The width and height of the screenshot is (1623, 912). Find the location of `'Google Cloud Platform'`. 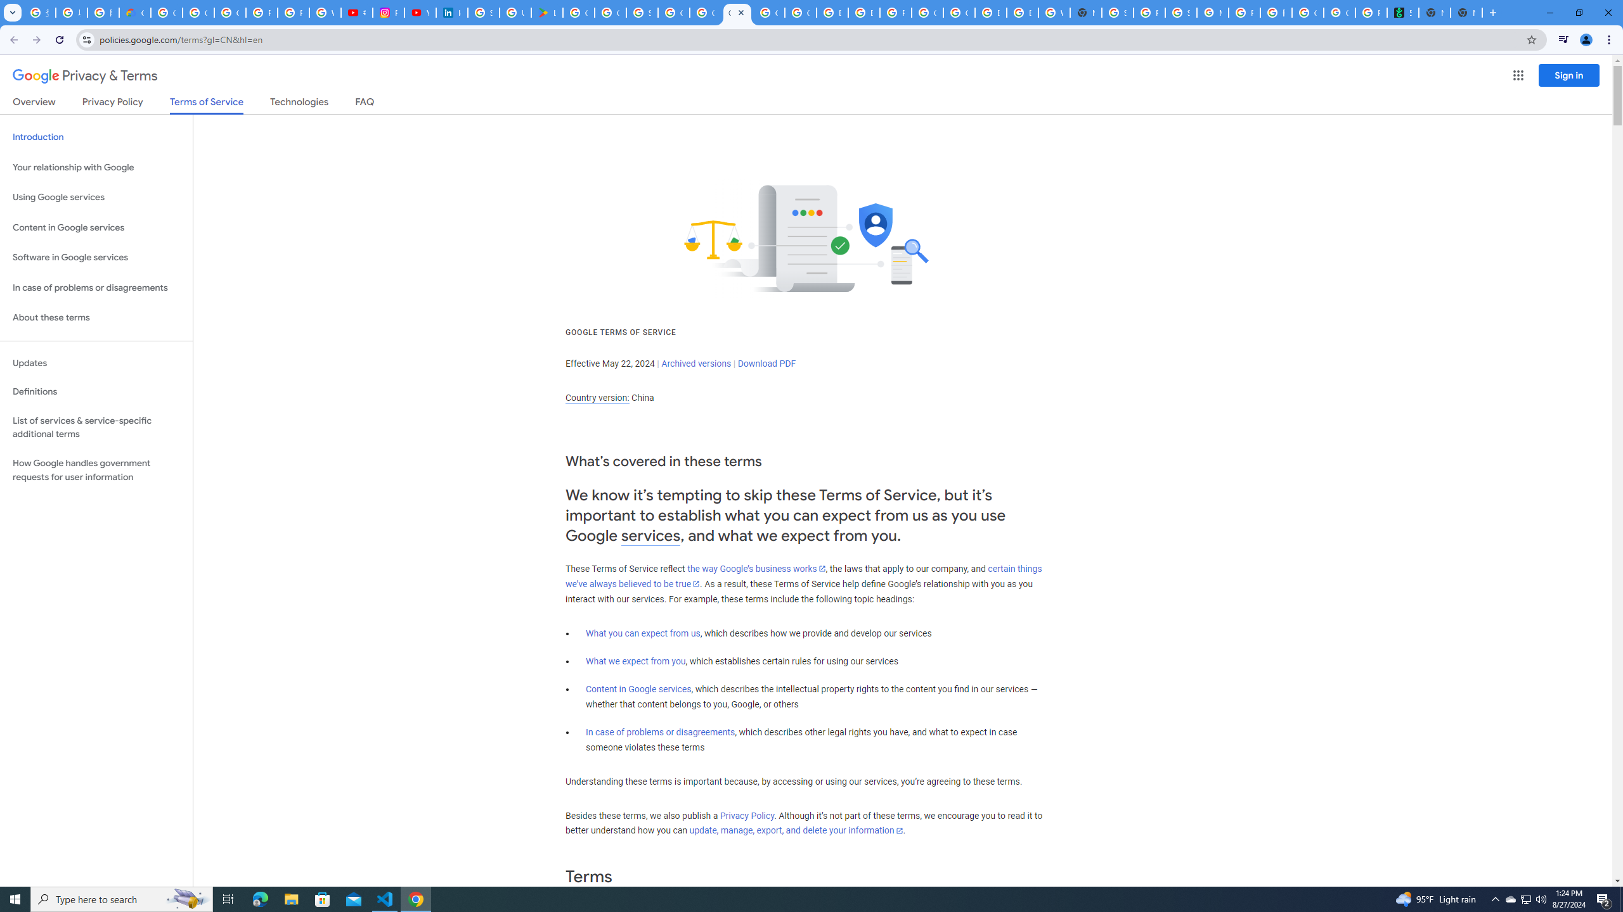

'Google Cloud Platform' is located at coordinates (959, 12).